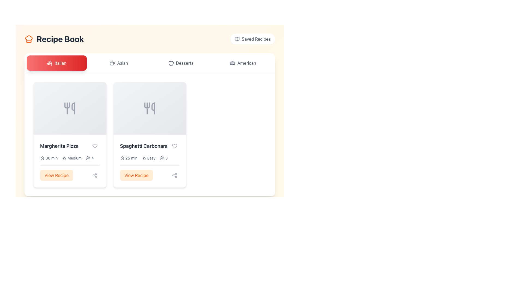 Image resolution: width=524 pixels, height=295 pixels. I want to click on the recipe preview card for 'Margherita Pizza', which is the first card in the grid layout located at the top-left corner of the grid, so click(70, 135).